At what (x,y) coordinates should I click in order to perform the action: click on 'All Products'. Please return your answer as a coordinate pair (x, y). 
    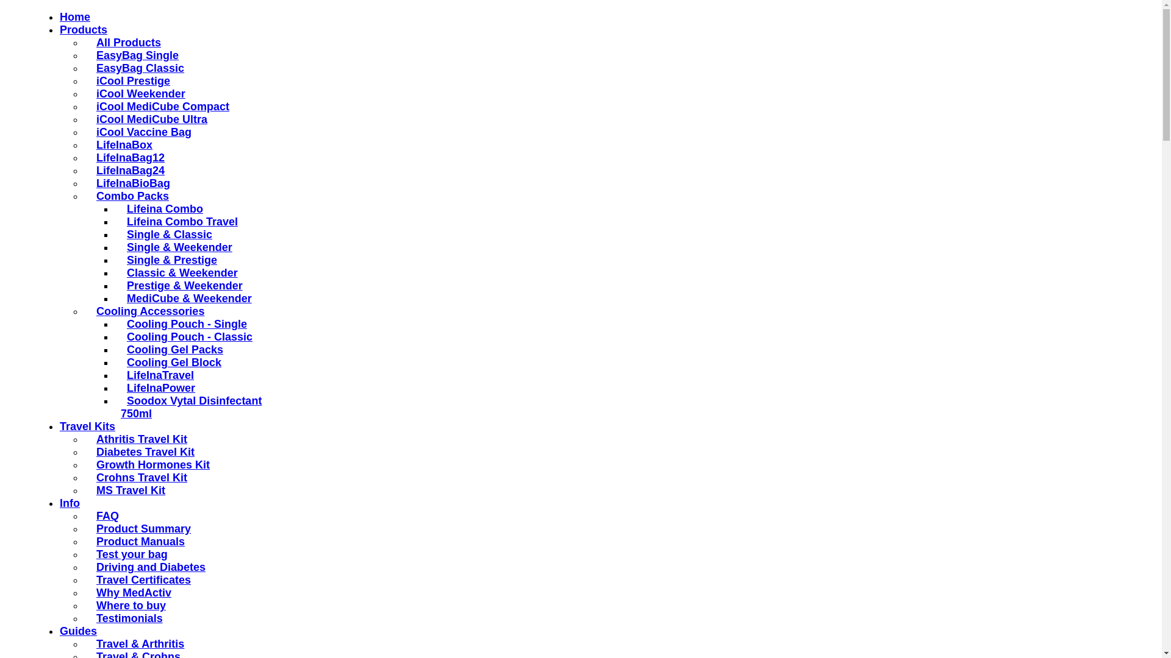
    Looking at the image, I should click on (126, 41).